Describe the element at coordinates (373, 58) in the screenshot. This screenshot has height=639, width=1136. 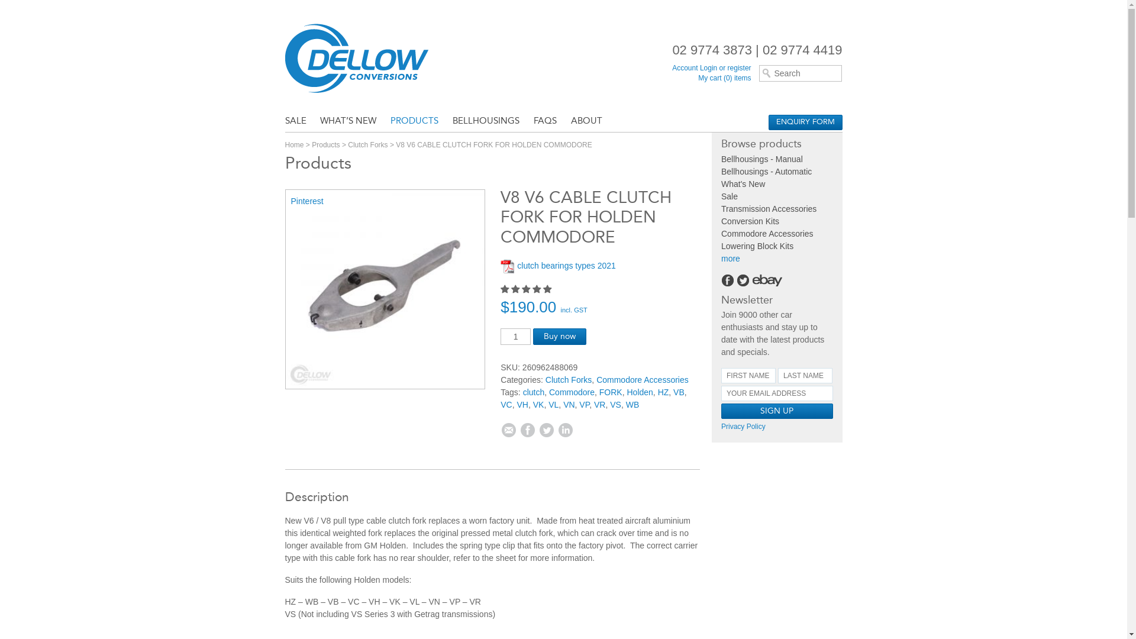
I see `'Dellow Conversions'` at that location.